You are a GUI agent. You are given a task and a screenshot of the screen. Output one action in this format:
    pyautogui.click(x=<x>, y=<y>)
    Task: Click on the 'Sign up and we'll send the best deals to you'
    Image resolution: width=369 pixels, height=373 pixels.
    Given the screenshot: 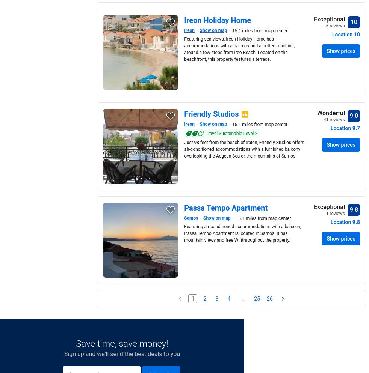 What is the action you would take?
    pyautogui.click(x=122, y=354)
    